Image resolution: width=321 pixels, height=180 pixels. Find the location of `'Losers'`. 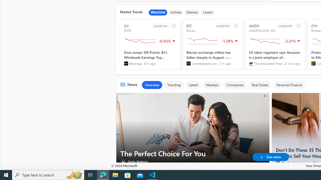

'Losers' is located at coordinates (208, 12).